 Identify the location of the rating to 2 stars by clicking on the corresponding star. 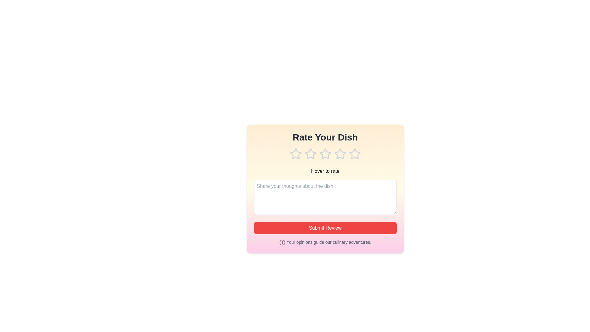
(310, 154).